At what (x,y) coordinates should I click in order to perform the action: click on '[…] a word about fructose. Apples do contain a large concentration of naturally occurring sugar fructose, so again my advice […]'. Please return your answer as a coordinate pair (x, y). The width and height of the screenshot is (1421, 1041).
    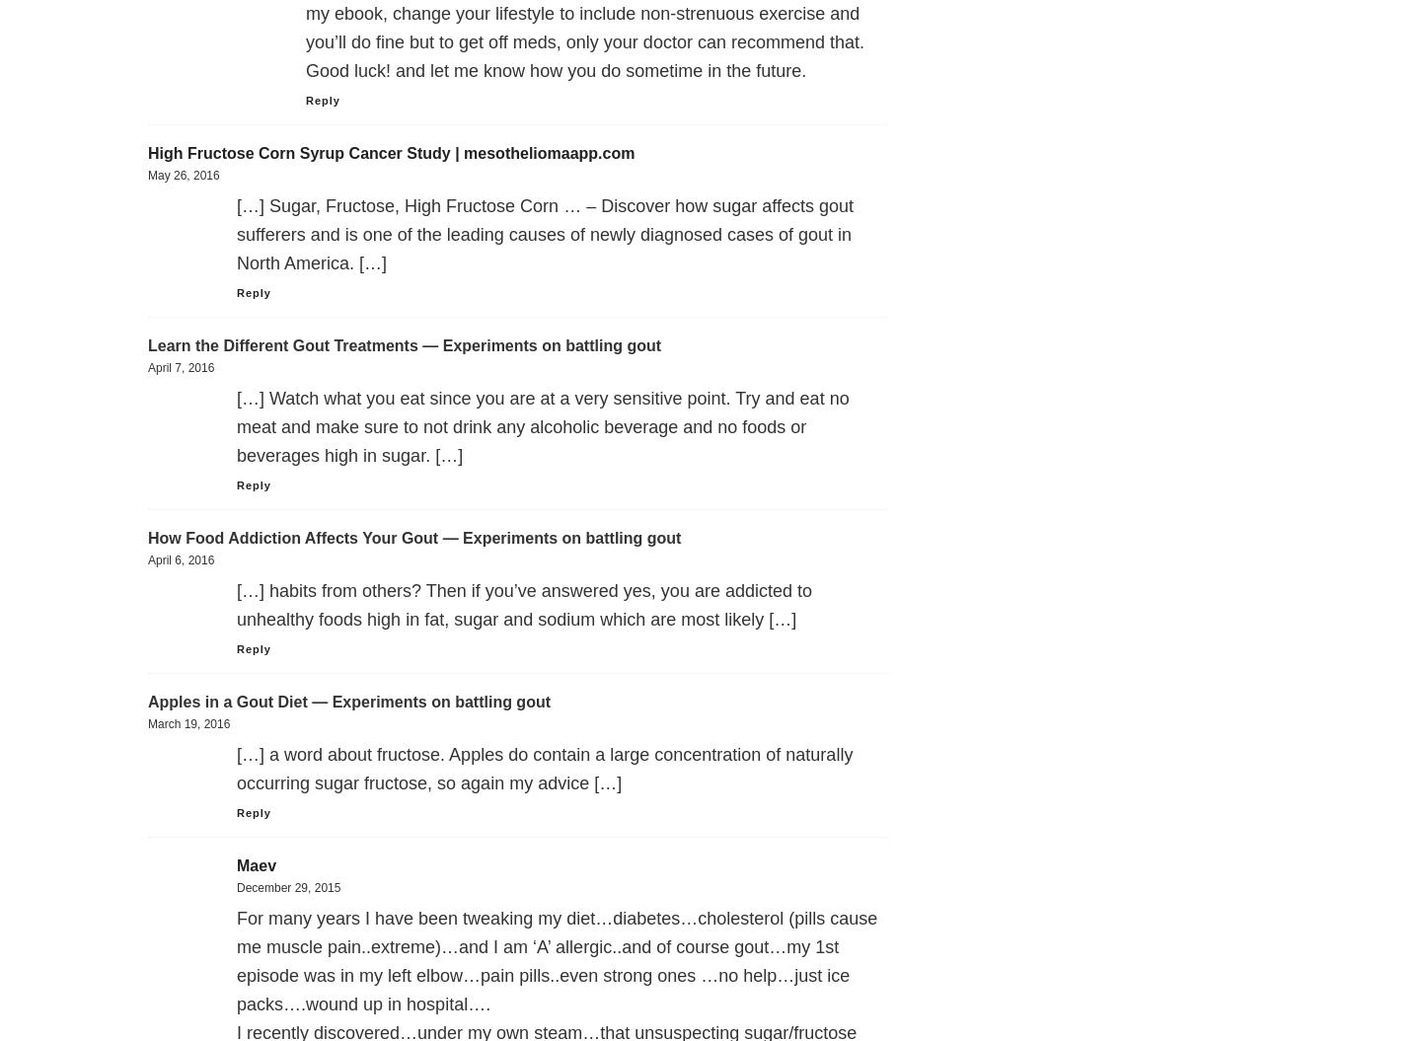
    Looking at the image, I should click on (544, 768).